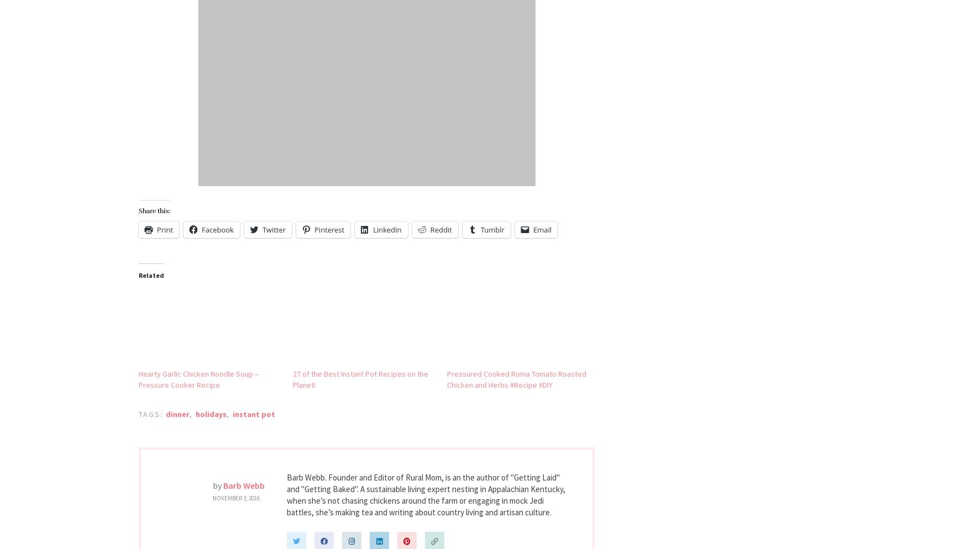  Describe the element at coordinates (152, 413) in the screenshot. I see `'Tags:'` at that location.